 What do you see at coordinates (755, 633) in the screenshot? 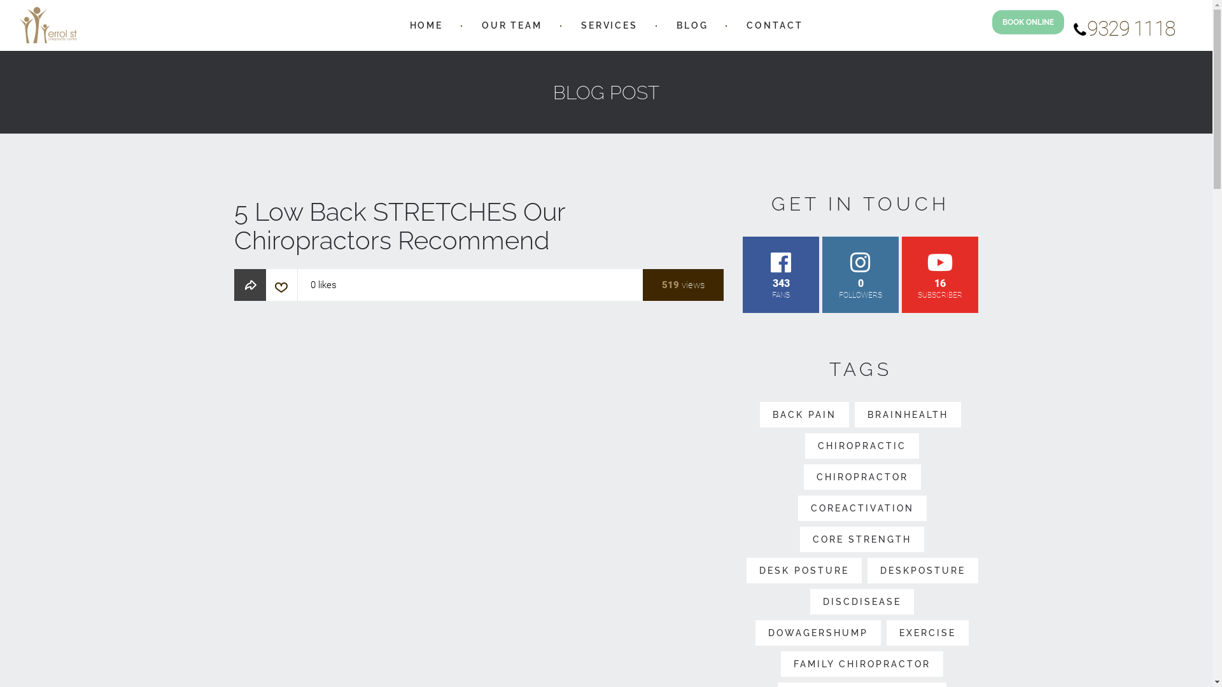
I see `'DOWAGERSHUMP'` at bounding box center [755, 633].